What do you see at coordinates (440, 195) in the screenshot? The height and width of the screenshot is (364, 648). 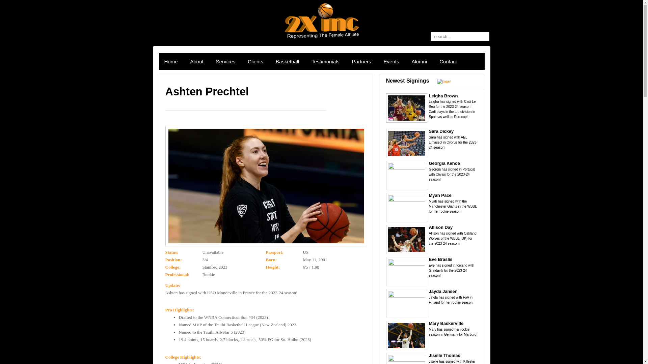 I see `'Myah Pace'` at bounding box center [440, 195].